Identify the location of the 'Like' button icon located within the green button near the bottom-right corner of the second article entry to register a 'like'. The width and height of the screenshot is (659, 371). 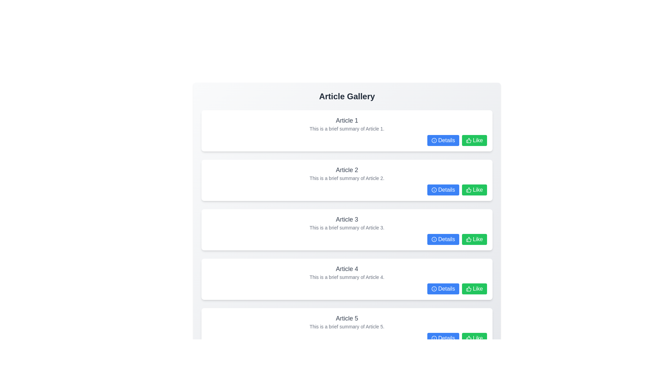
(468, 190).